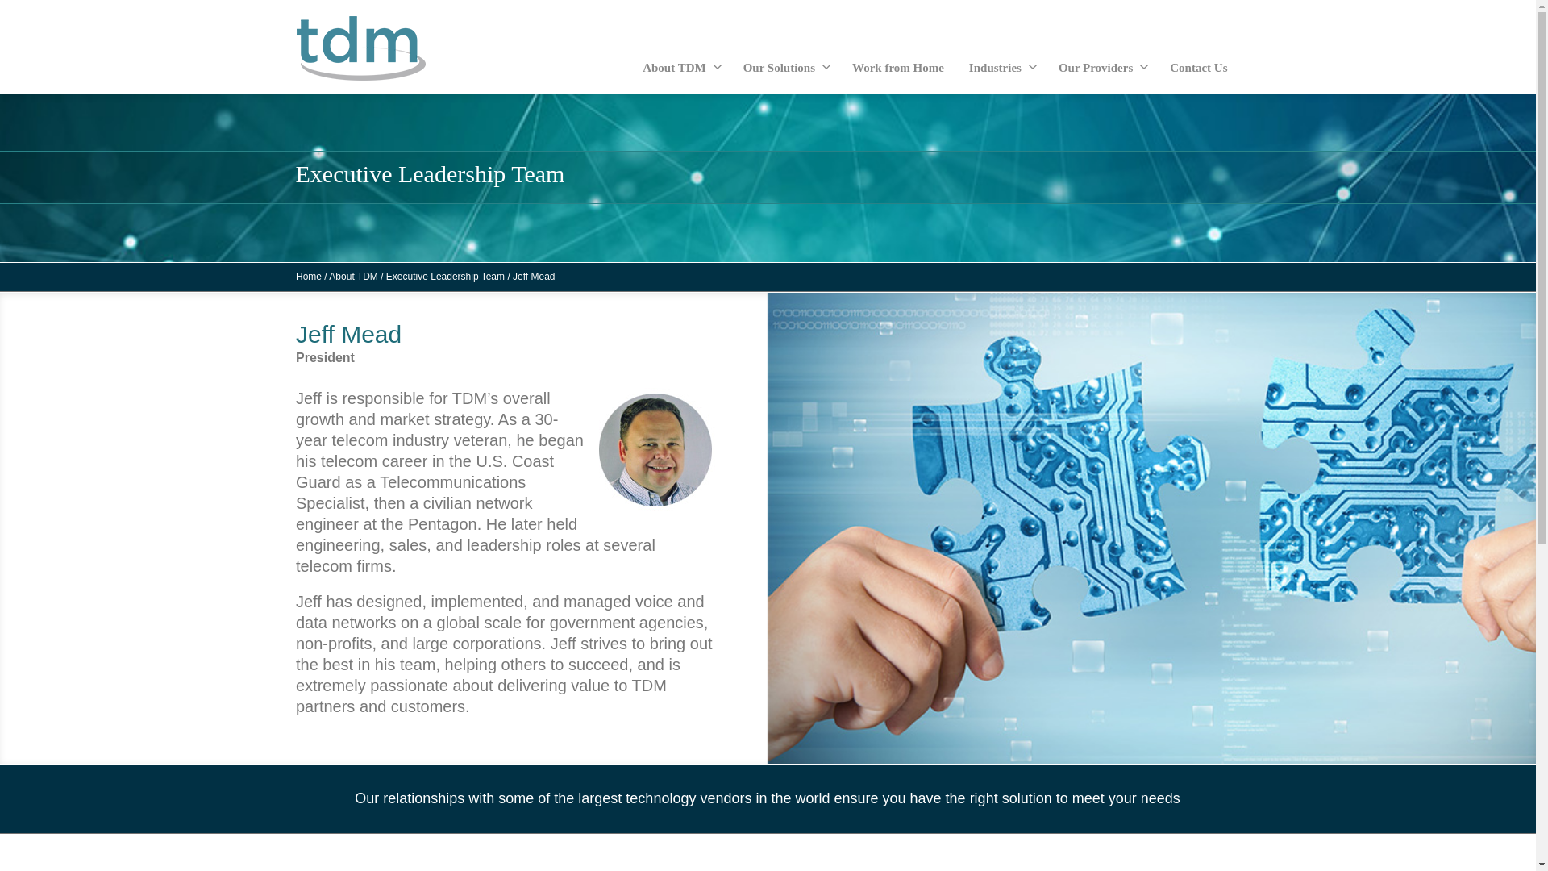 The width and height of the screenshot is (1548, 871). I want to click on 'Contact Us', so click(1198, 67).